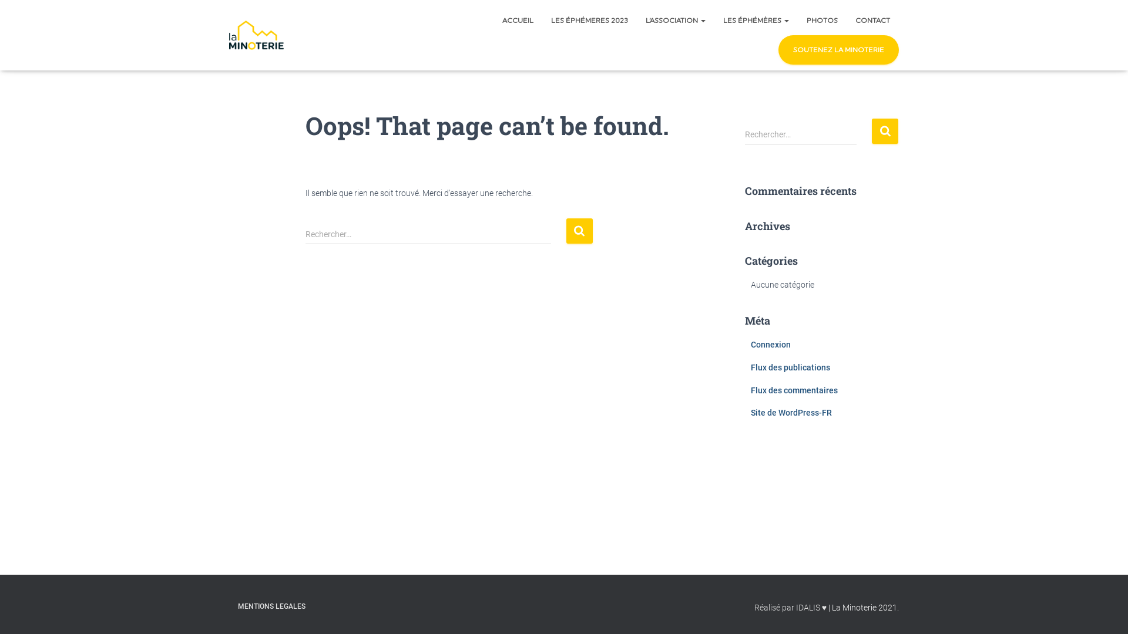 Image resolution: width=1128 pixels, height=634 pixels. Describe the element at coordinates (271, 606) in the screenshot. I see `'MENTIONS LEGALES'` at that location.